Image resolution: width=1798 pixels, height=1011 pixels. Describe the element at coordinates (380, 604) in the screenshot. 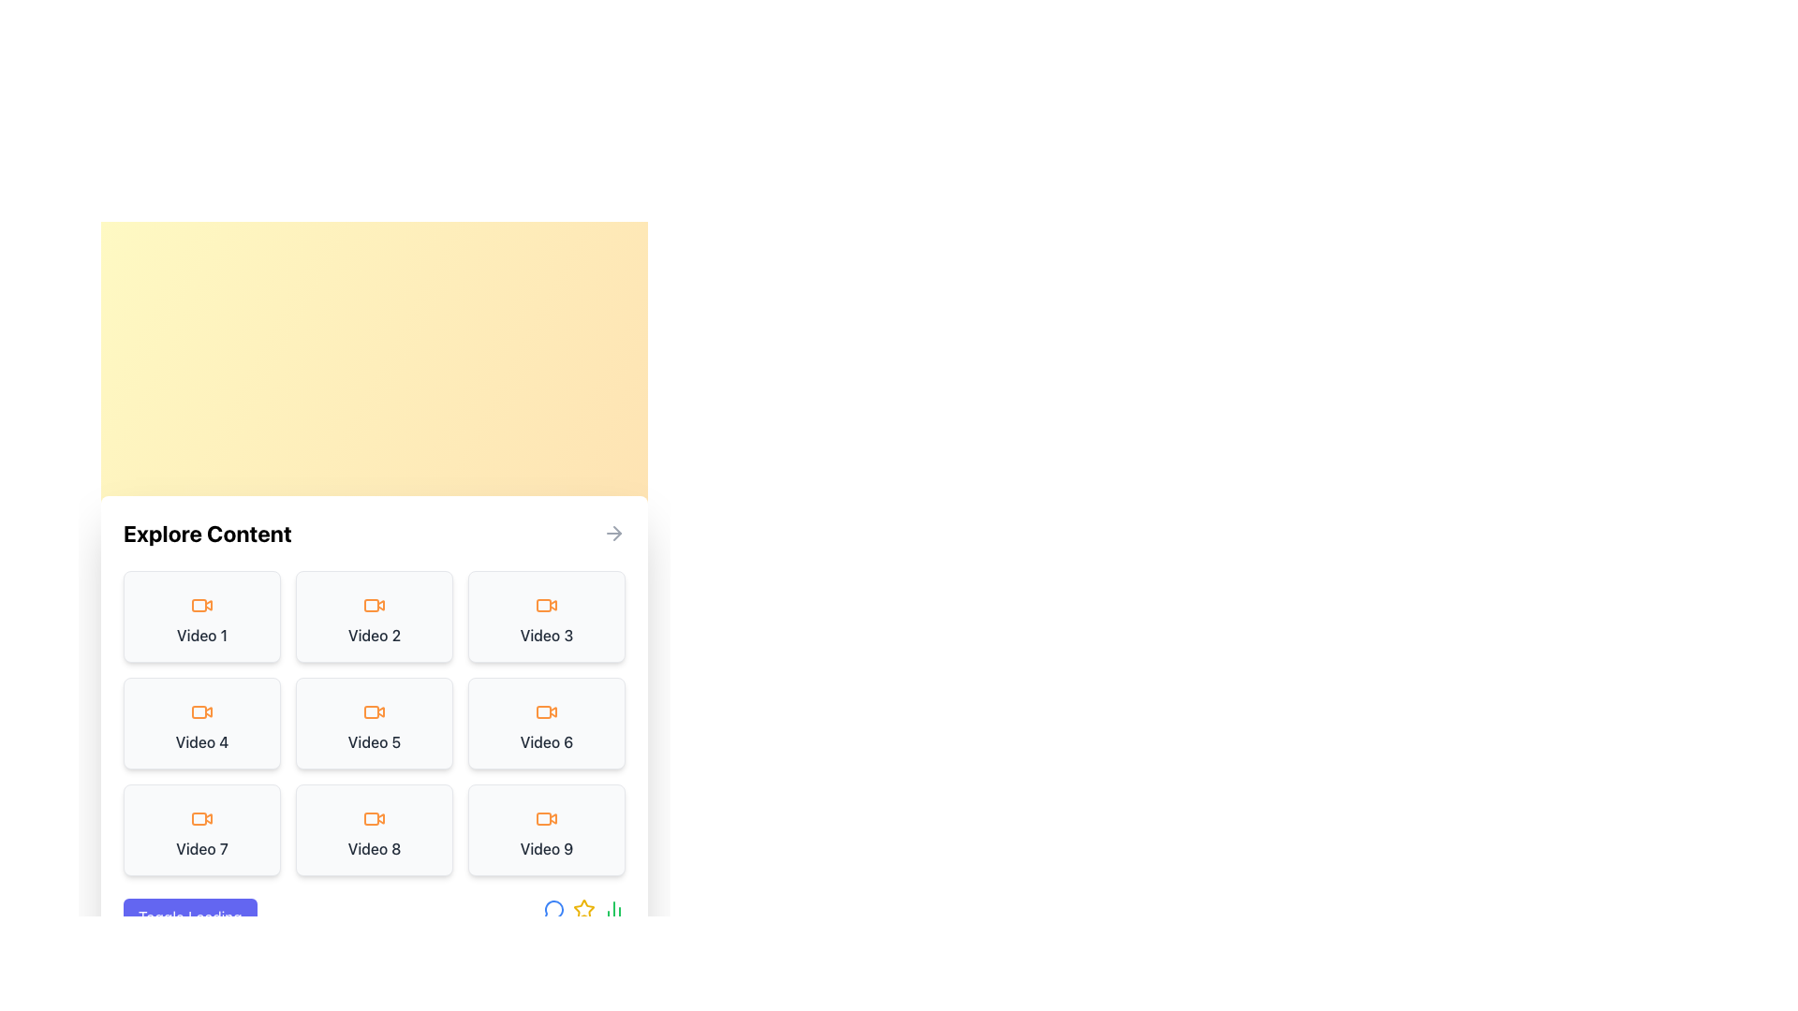

I see `the orange triangular video camera icon located within the 'Video 2' card in the 'Explore Content' section` at that location.